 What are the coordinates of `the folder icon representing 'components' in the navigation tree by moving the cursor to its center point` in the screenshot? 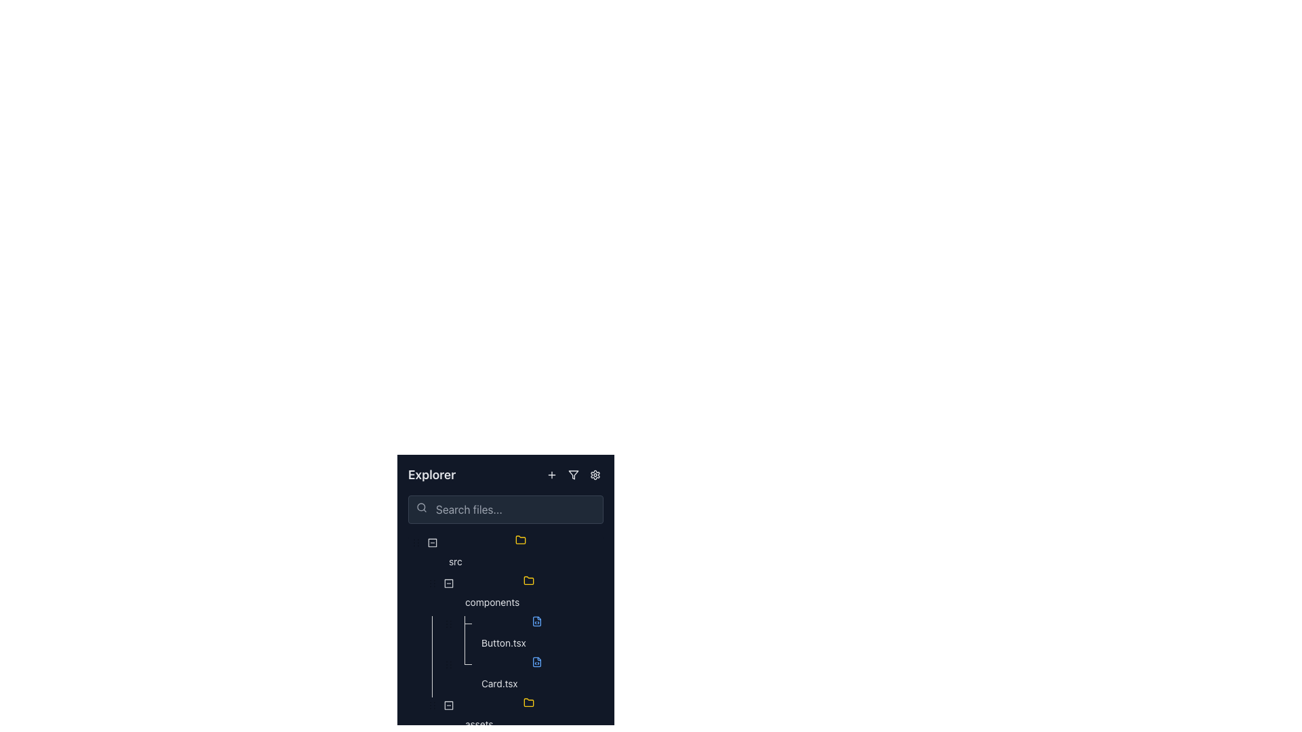 It's located at (530, 582).